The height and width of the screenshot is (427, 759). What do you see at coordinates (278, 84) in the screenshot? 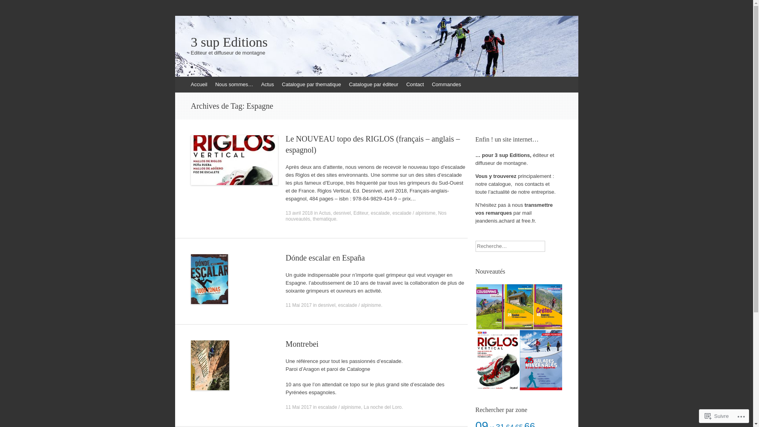
I see `'Catalogue par thematique'` at bounding box center [278, 84].